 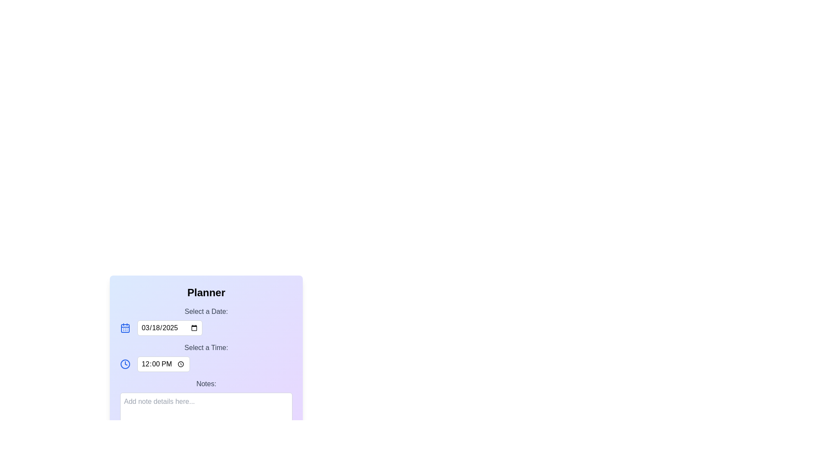 I want to click on the calendar icon, which is the first element in a horizontal layout group adjacent to a date picker input field, so click(x=125, y=328).